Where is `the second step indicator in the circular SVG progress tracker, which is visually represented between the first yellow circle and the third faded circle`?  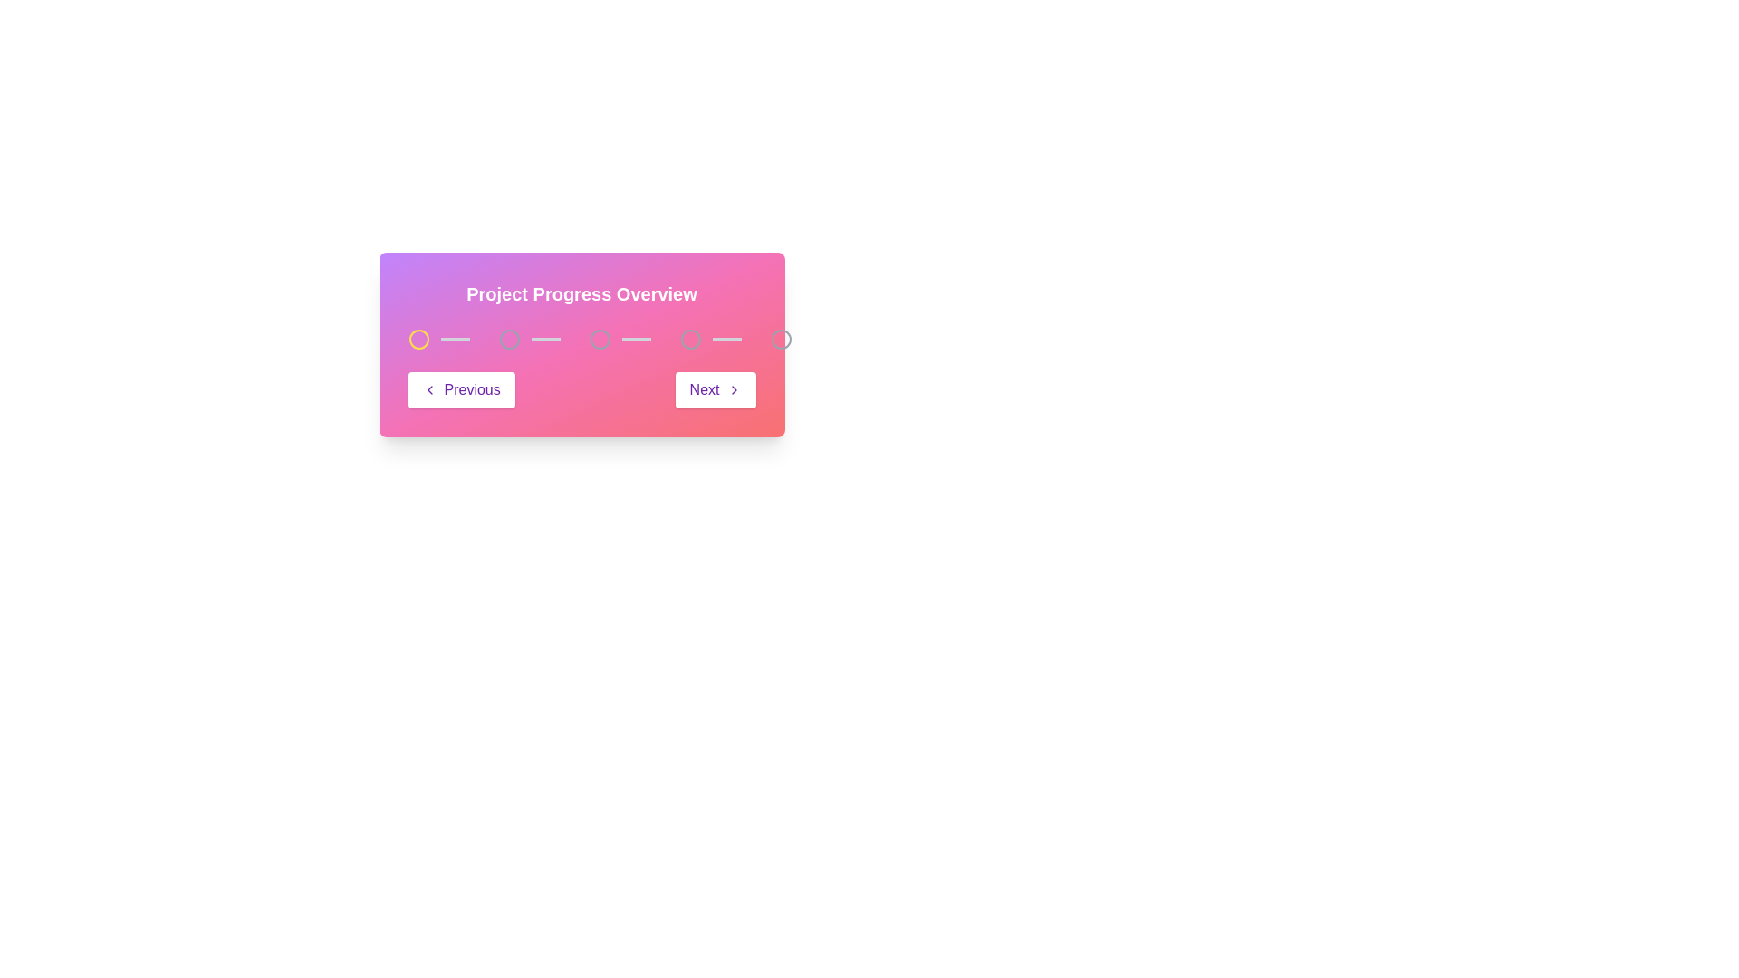
the second step indicator in the circular SVG progress tracker, which is visually represented between the first yellow circle and the third faded circle is located at coordinates (508, 339).